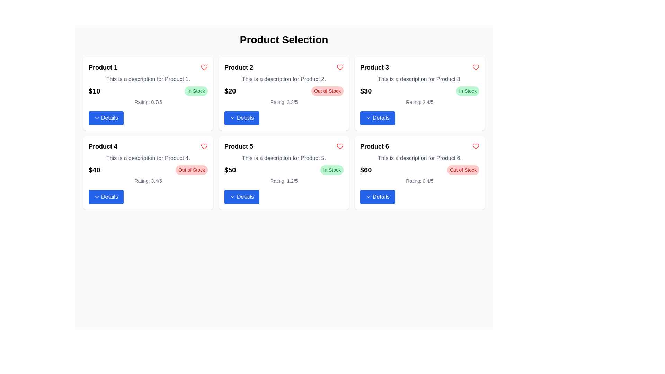 The height and width of the screenshot is (374, 665). Describe the element at coordinates (475, 68) in the screenshot. I see `the heart-shaped icon located at the top-right corner of the Product 3 card` at that location.